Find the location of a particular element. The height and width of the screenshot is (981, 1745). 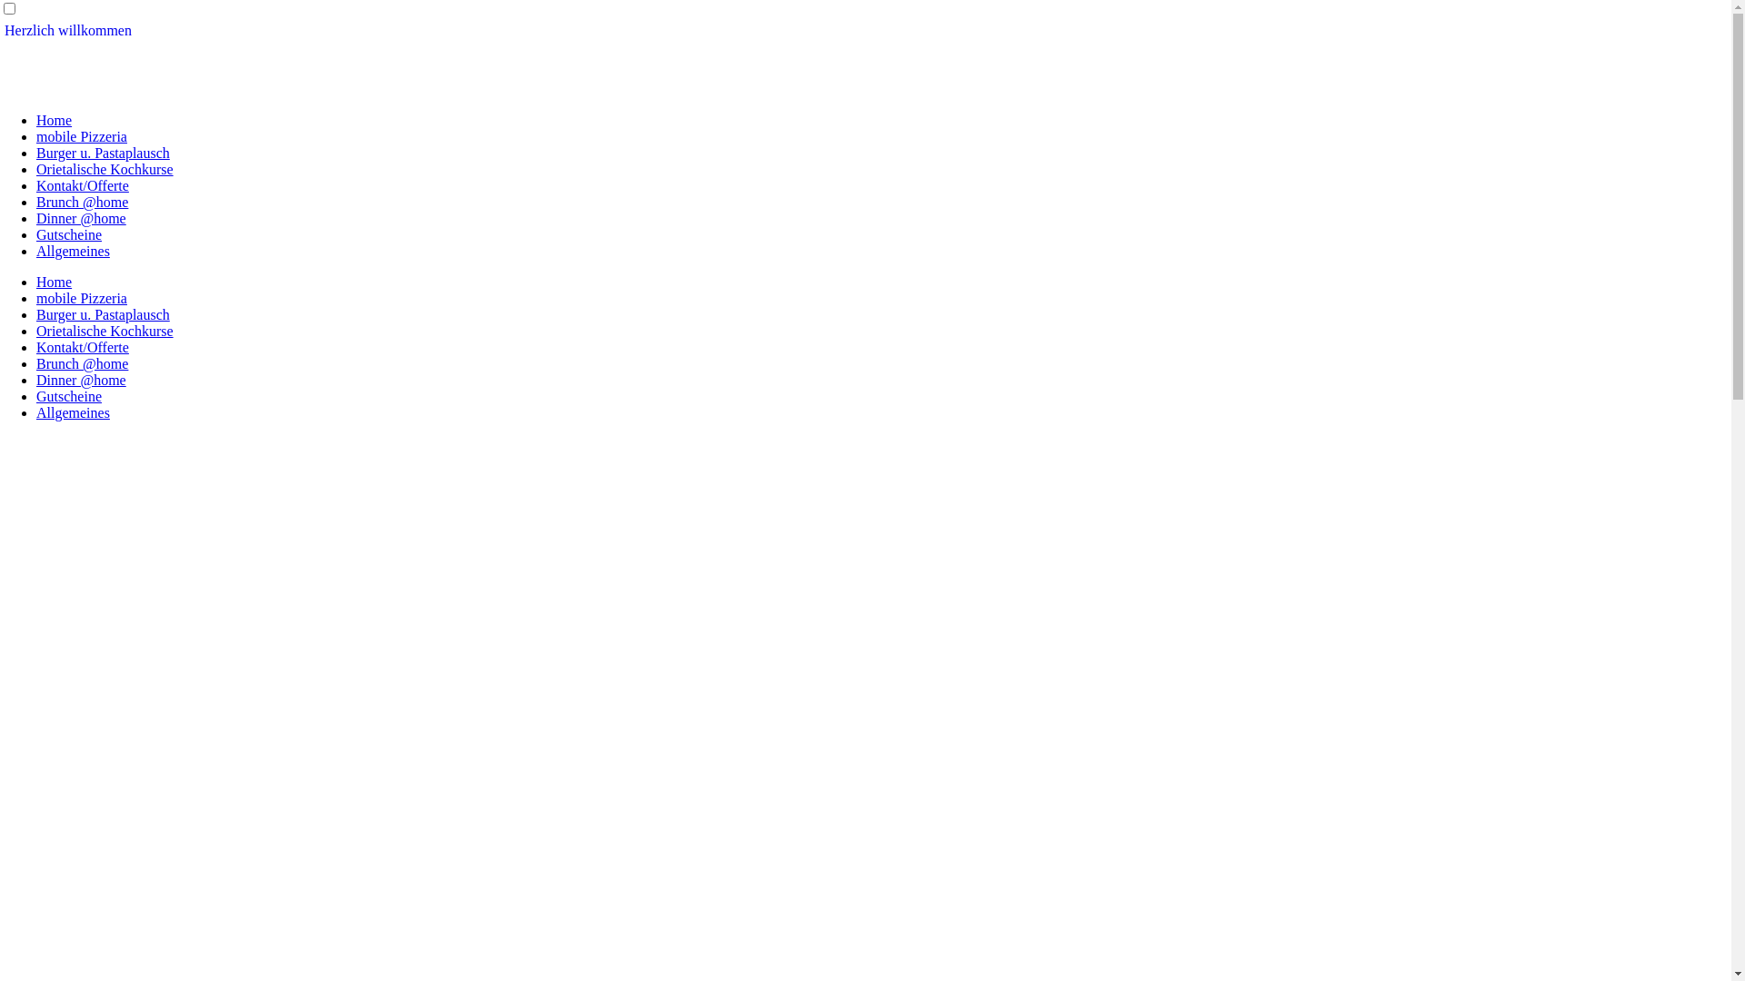

'Gutscheine' is located at coordinates (69, 395).